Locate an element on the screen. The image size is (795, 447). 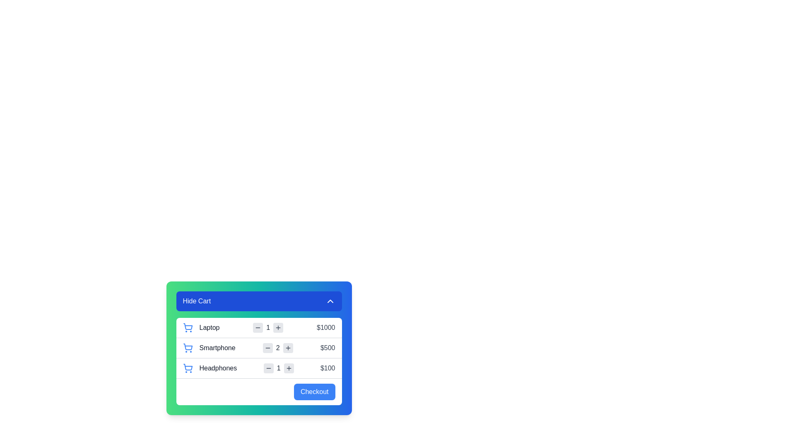
the text display showing the number '2' is located at coordinates (278, 348).